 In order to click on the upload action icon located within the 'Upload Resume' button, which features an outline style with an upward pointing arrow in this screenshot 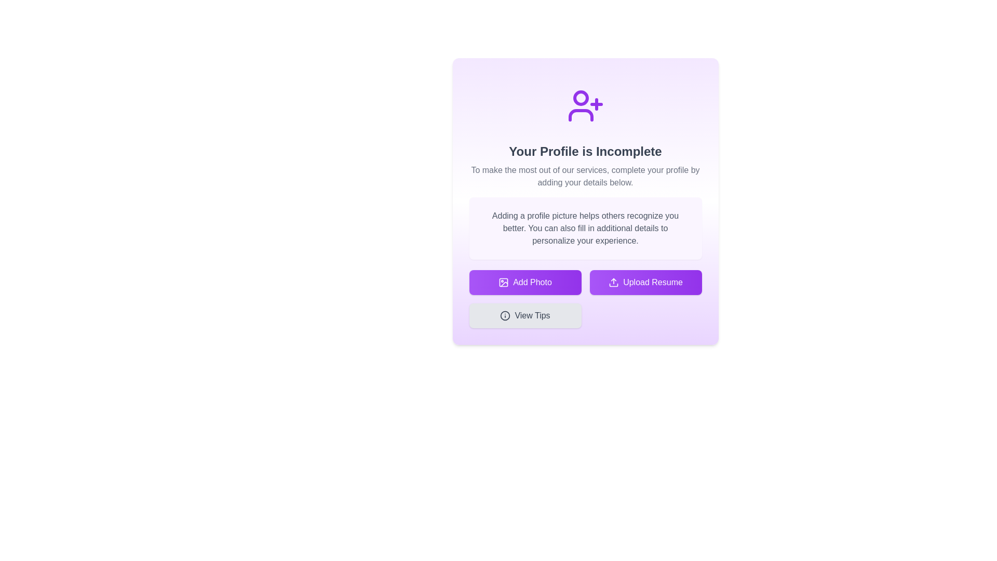, I will do `click(614, 282)`.